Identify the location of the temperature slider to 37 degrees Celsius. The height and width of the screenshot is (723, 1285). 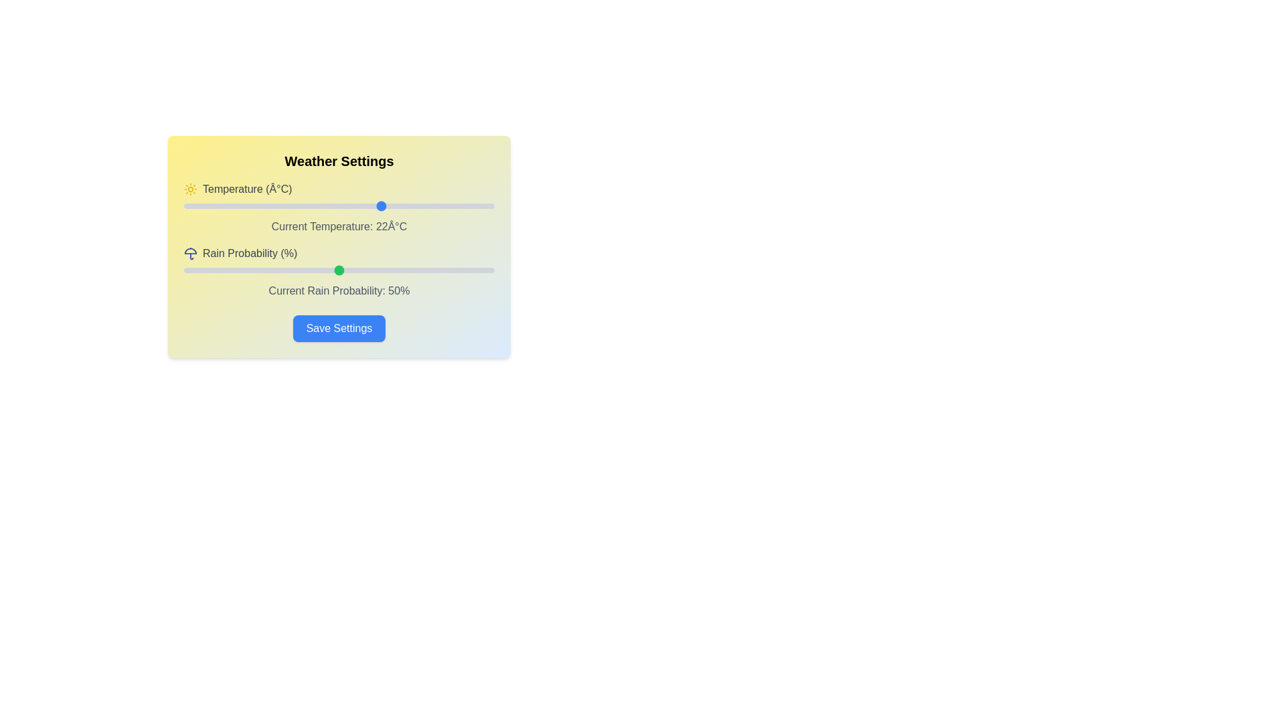
(476, 206).